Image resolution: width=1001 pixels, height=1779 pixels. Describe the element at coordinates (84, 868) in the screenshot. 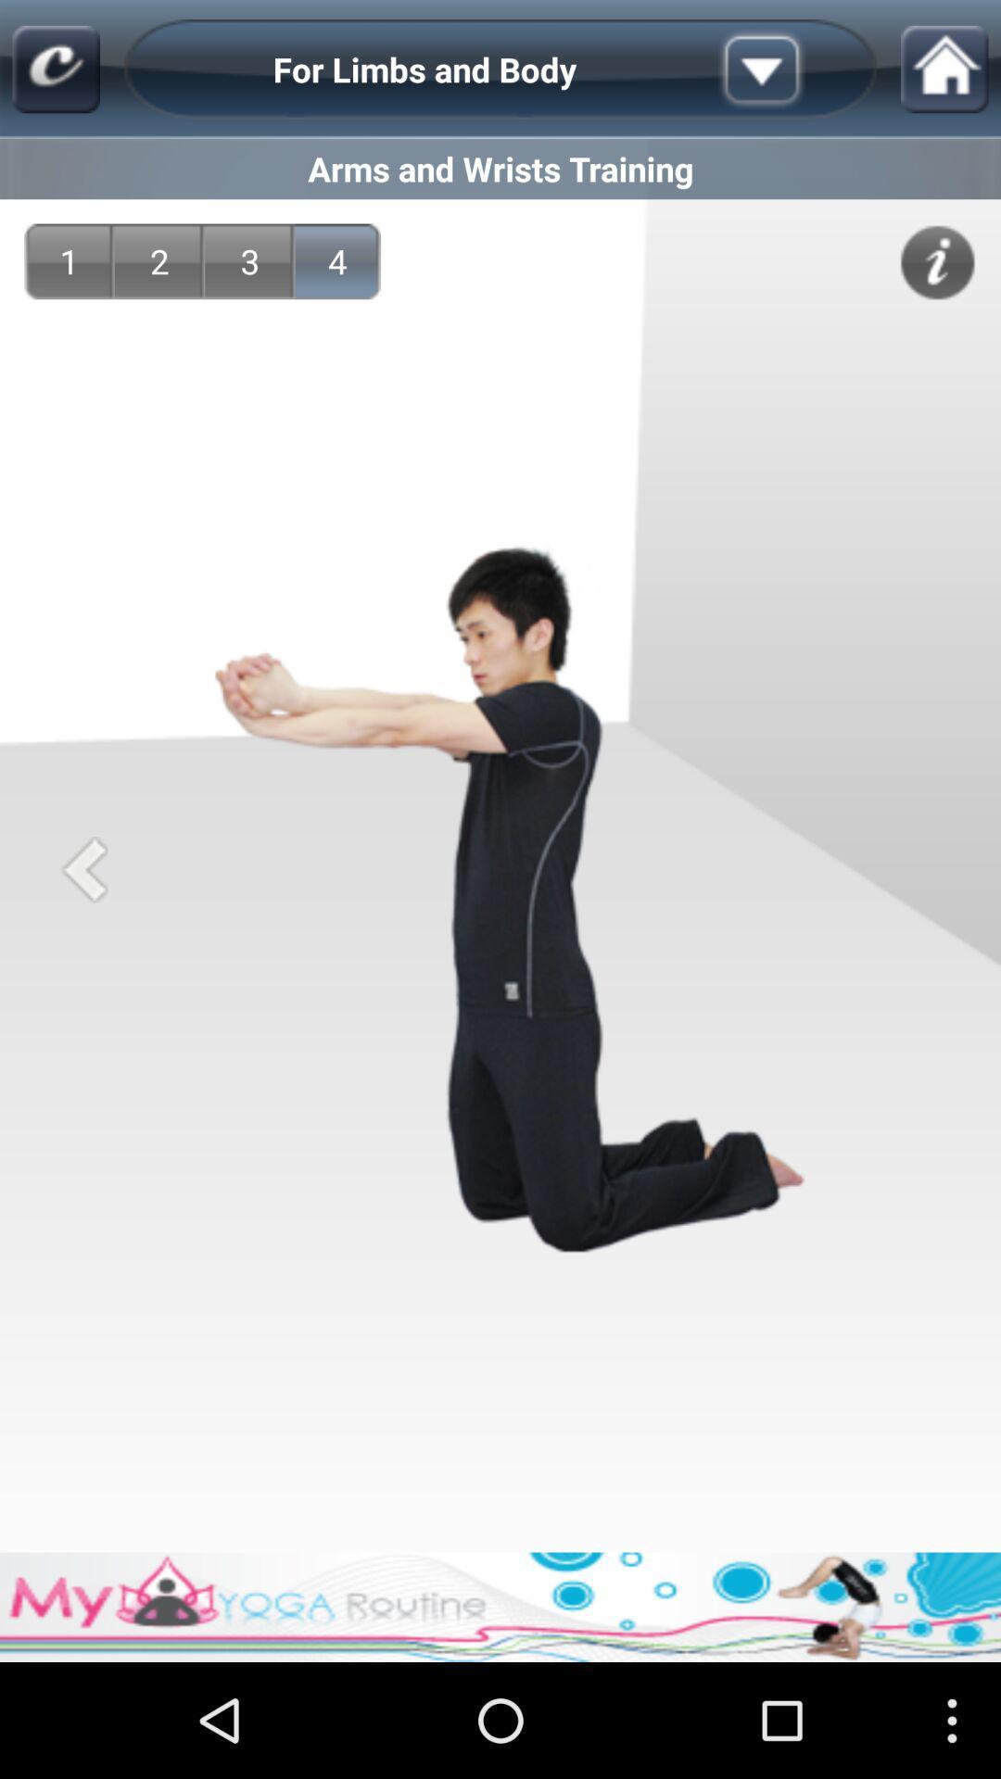

I see `go back` at that location.